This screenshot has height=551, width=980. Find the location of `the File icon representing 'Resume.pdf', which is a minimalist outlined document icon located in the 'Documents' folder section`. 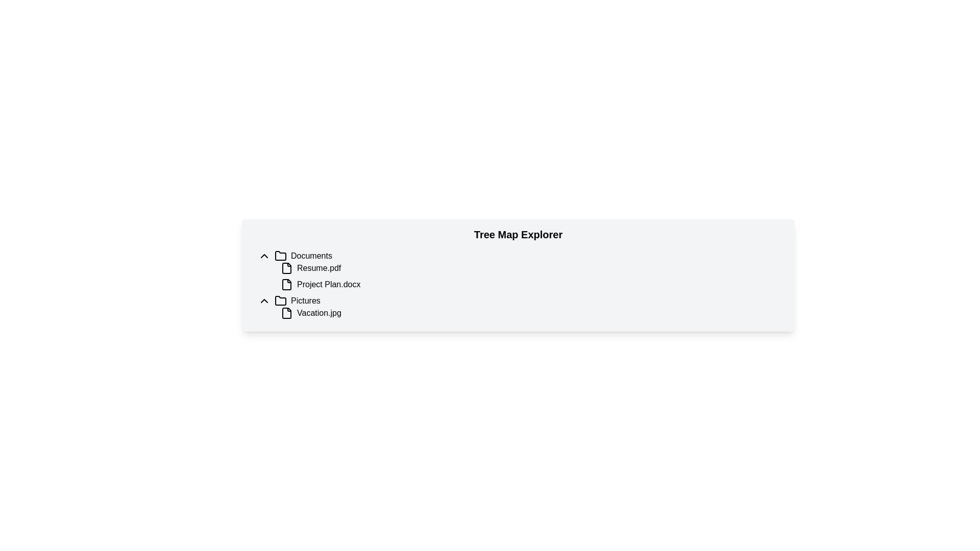

the File icon representing 'Resume.pdf', which is a minimalist outlined document icon located in the 'Documents' folder section is located at coordinates (286, 267).